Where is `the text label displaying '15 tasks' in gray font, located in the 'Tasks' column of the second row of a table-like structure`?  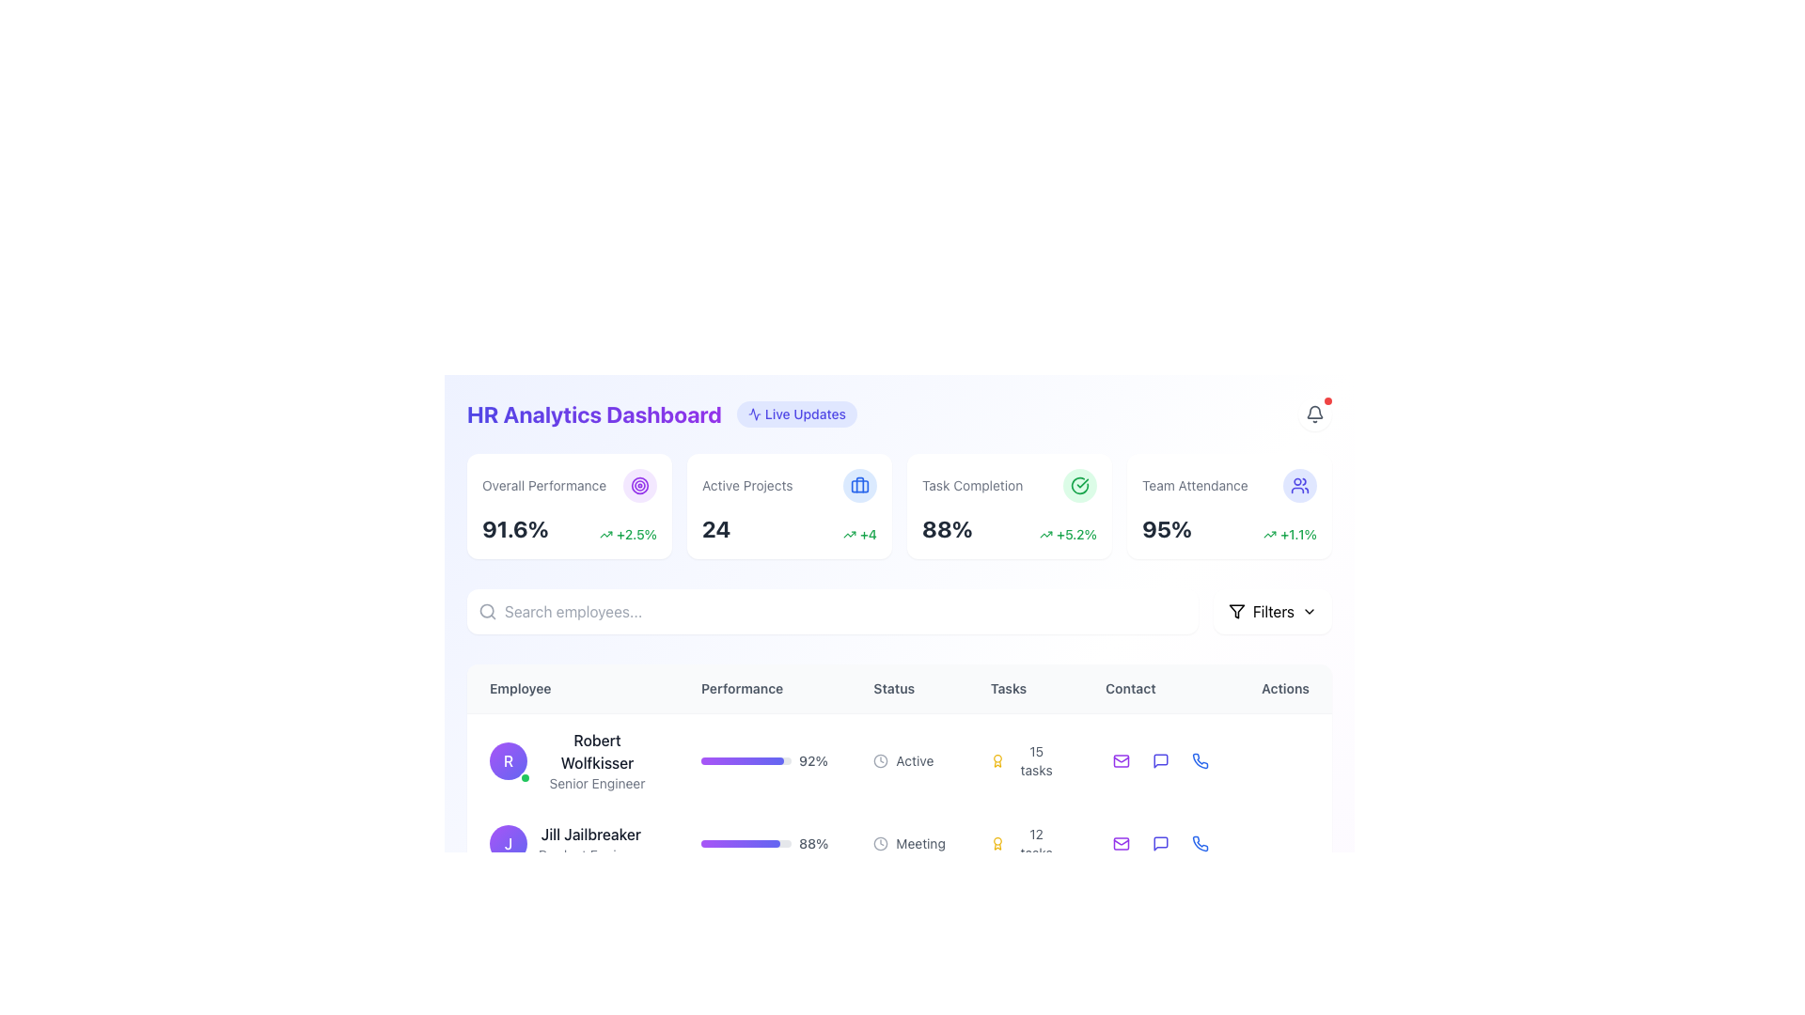 the text label displaying '15 tasks' in gray font, located in the 'Tasks' column of the second row of a table-like structure is located at coordinates (1035, 761).